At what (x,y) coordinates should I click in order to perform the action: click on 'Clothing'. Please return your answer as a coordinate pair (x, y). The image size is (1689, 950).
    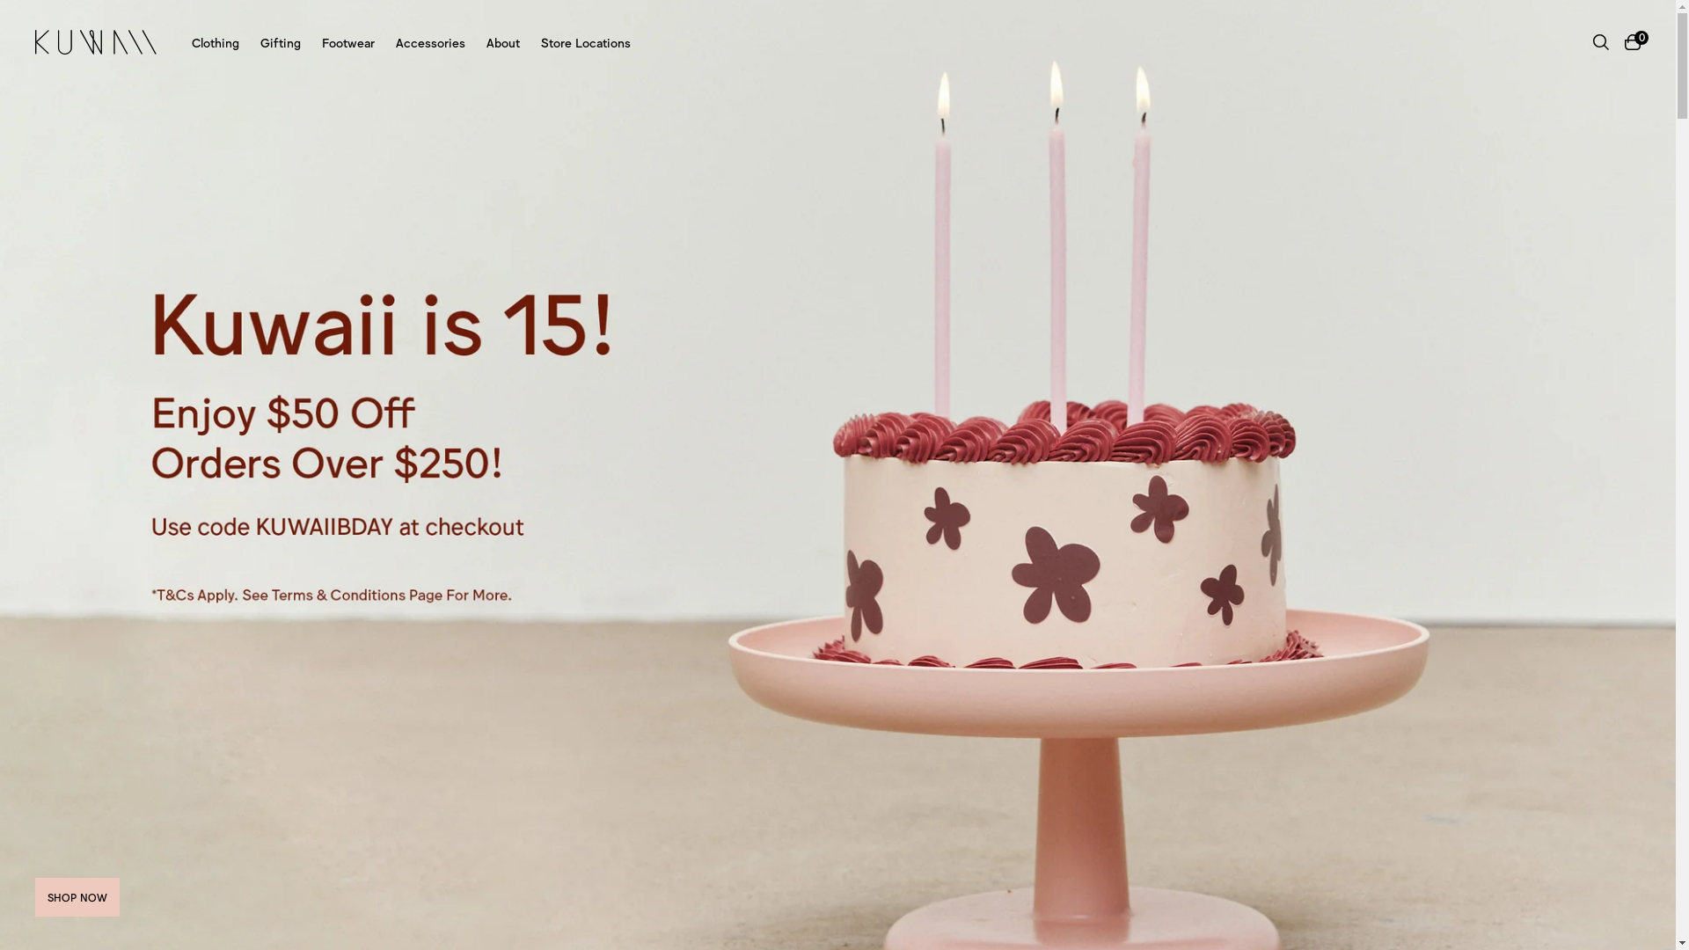
    Looking at the image, I should click on (214, 40).